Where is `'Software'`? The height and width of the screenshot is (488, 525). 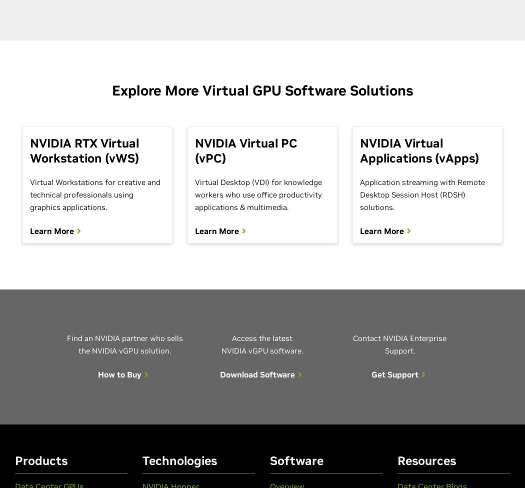 'Software' is located at coordinates (296, 460).